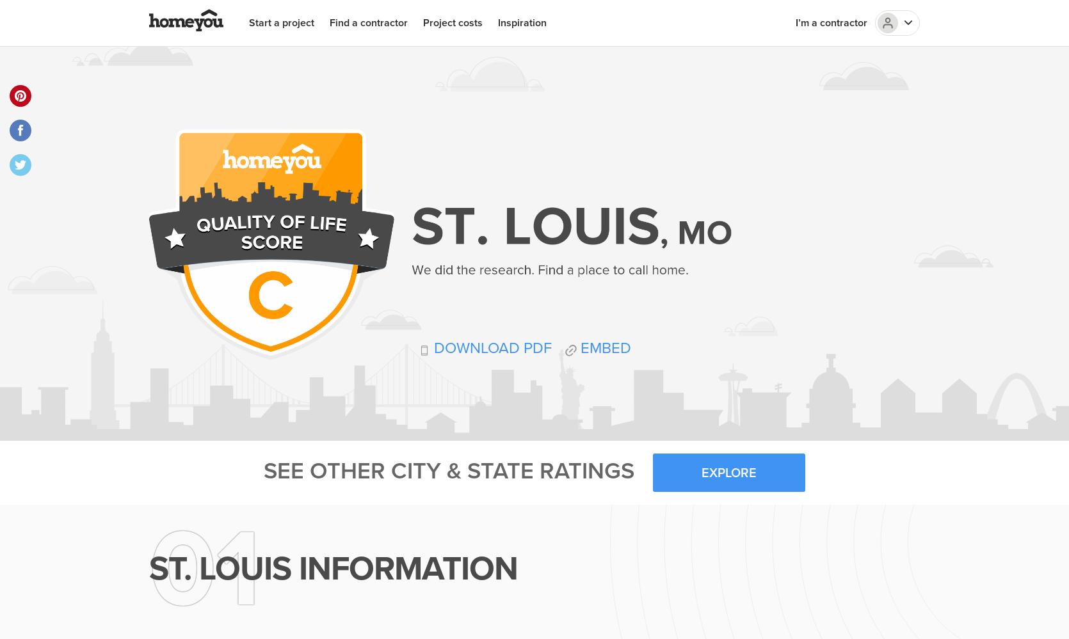  Describe the element at coordinates (603, 347) in the screenshot. I see `'Embed'` at that location.